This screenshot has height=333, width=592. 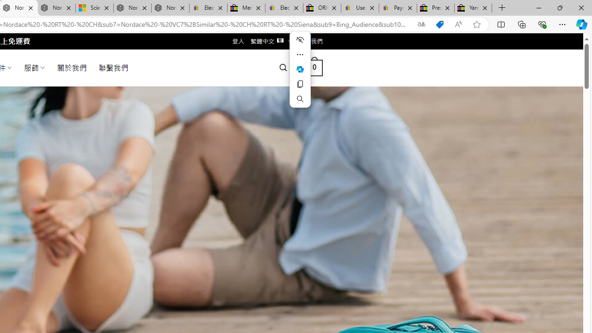 I want to click on 'Press Room - eBay Inc.', so click(x=435, y=8).